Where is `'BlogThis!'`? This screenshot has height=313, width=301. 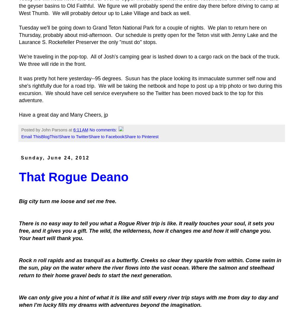
'BlogThis!' is located at coordinates (49, 136).